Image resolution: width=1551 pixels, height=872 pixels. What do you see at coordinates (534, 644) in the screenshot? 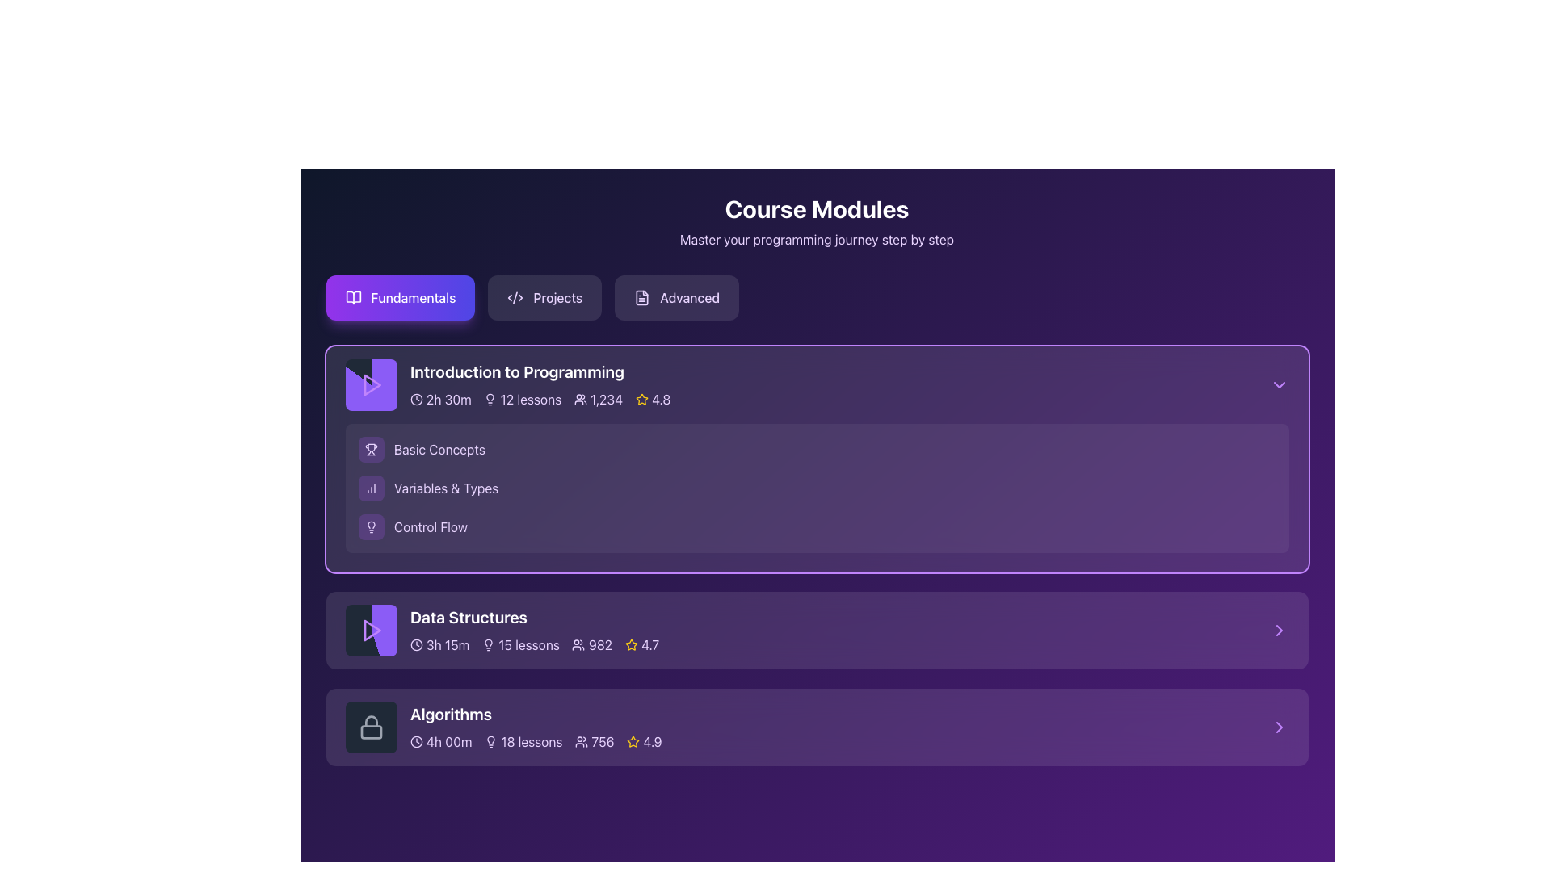
I see `informational text displaying details about the 'Data Structures' course, which includes course duration, number of lessons, number of learners, and rating` at bounding box center [534, 644].